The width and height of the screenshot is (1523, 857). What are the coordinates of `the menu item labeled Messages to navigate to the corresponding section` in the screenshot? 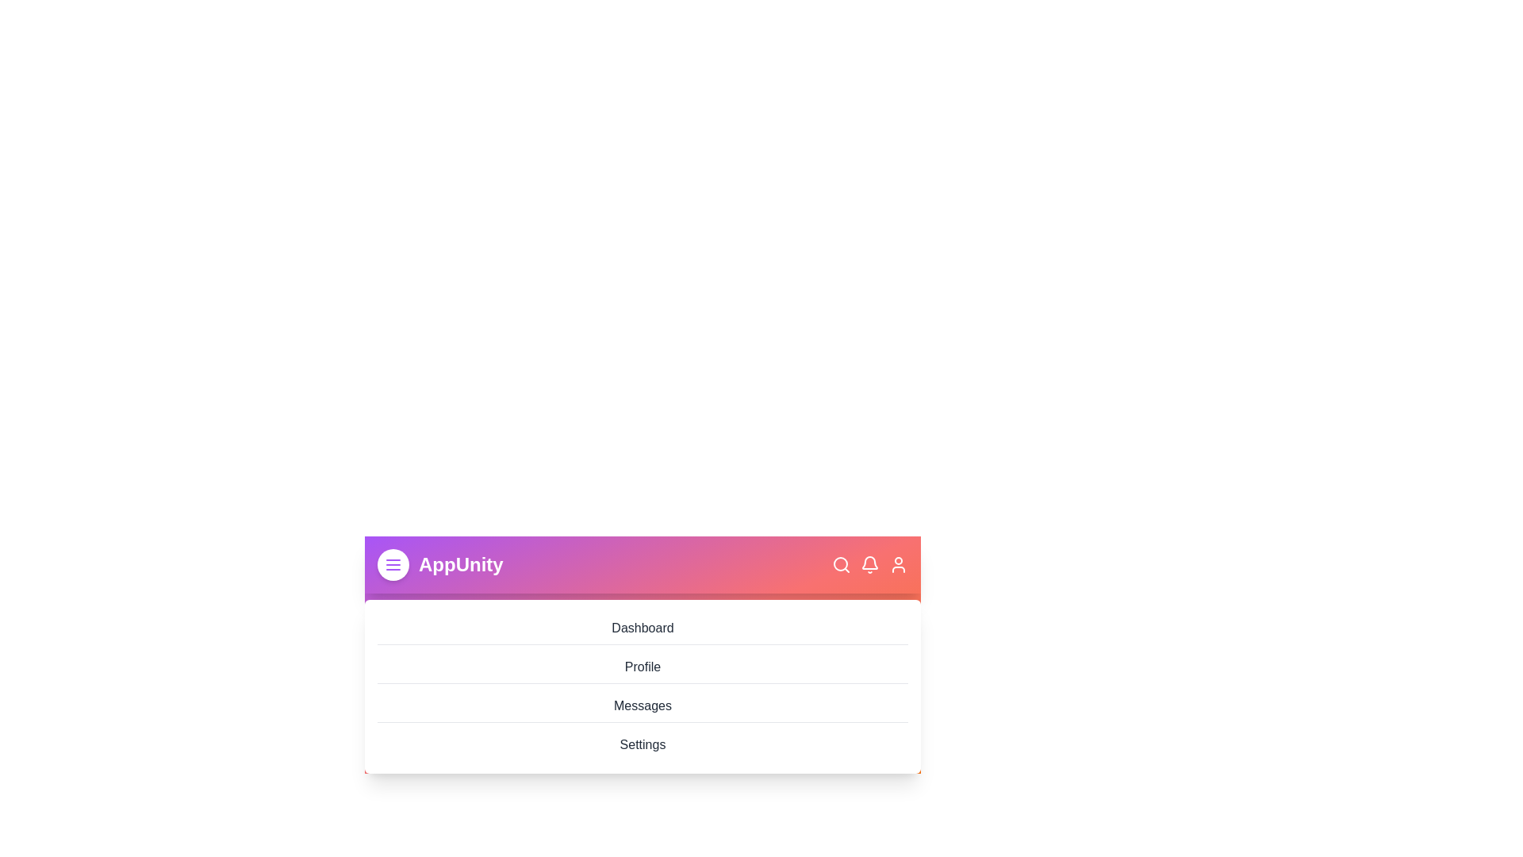 It's located at (643, 705).